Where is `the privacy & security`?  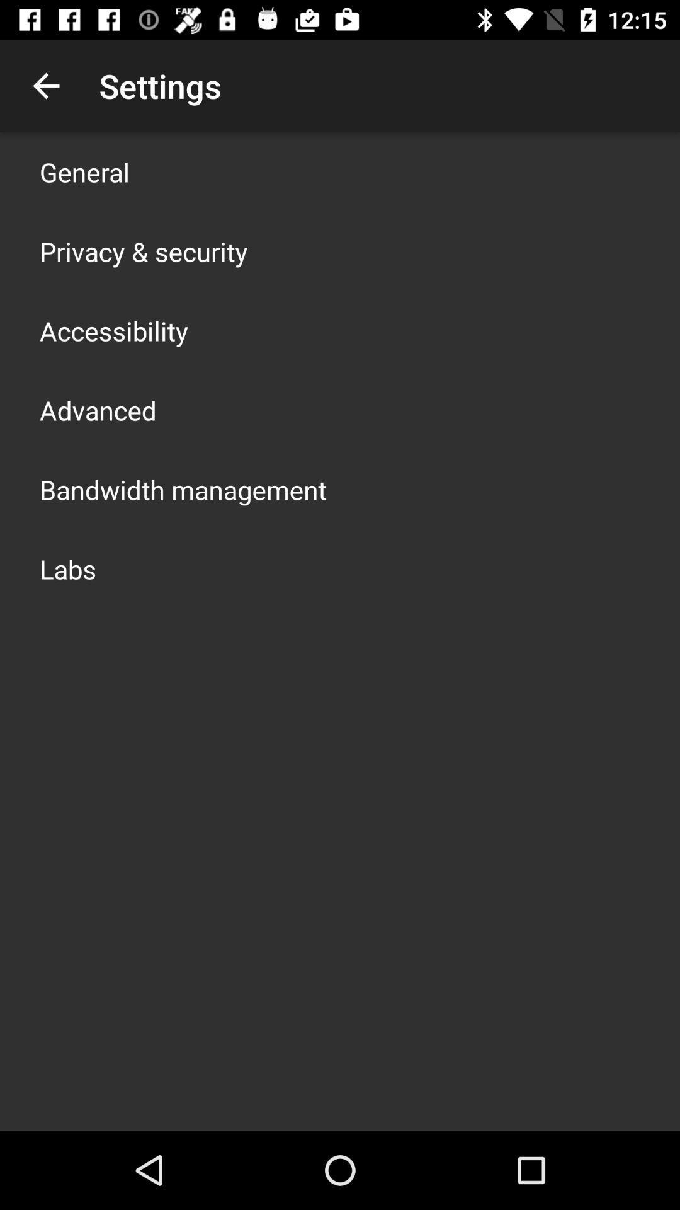
the privacy & security is located at coordinates (143, 251).